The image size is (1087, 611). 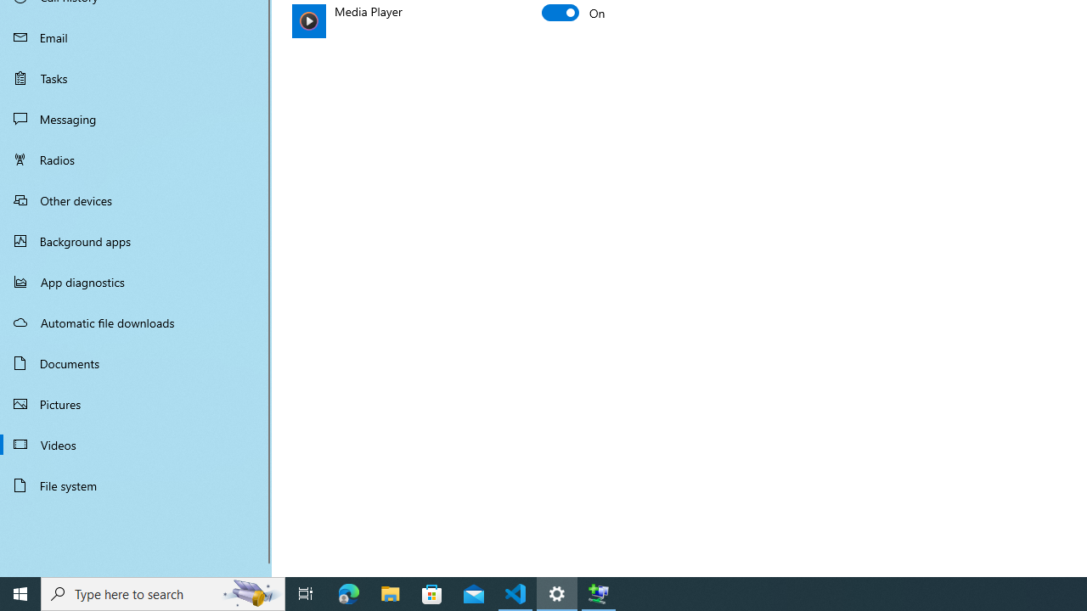 What do you see at coordinates (599, 592) in the screenshot?
I see `'Extensible Wizards Host Process - 1 running window'` at bounding box center [599, 592].